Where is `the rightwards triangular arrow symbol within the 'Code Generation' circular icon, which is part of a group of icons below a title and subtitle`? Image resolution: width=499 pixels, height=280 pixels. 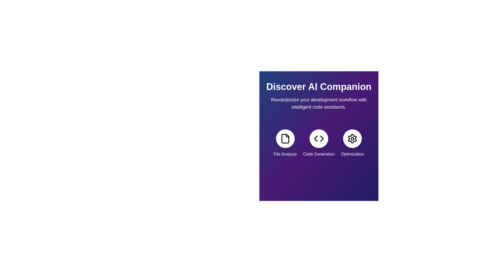 the rightwards triangular arrow symbol within the 'Code Generation' circular icon, which is part of a group of icons below a title and subtitle is located at coordinates (321, 138).